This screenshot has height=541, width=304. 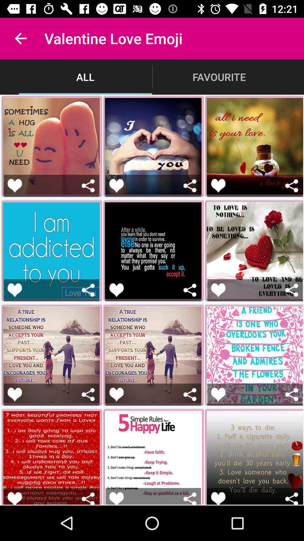 What do you see at coordinates (218, 290) in the screenshot?
I see `to favorite` at bounding box center [218, 290].